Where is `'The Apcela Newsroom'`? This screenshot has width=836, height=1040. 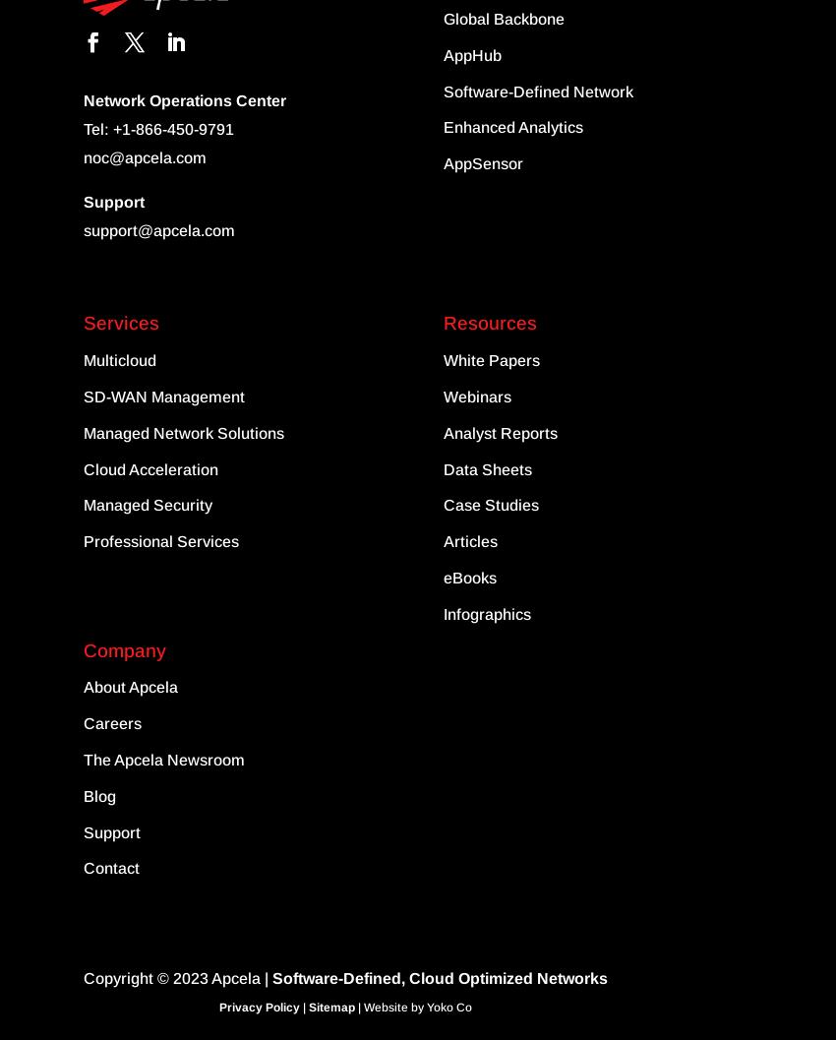 'The Apcela Newsroom' is located at coordinates (164, 760).